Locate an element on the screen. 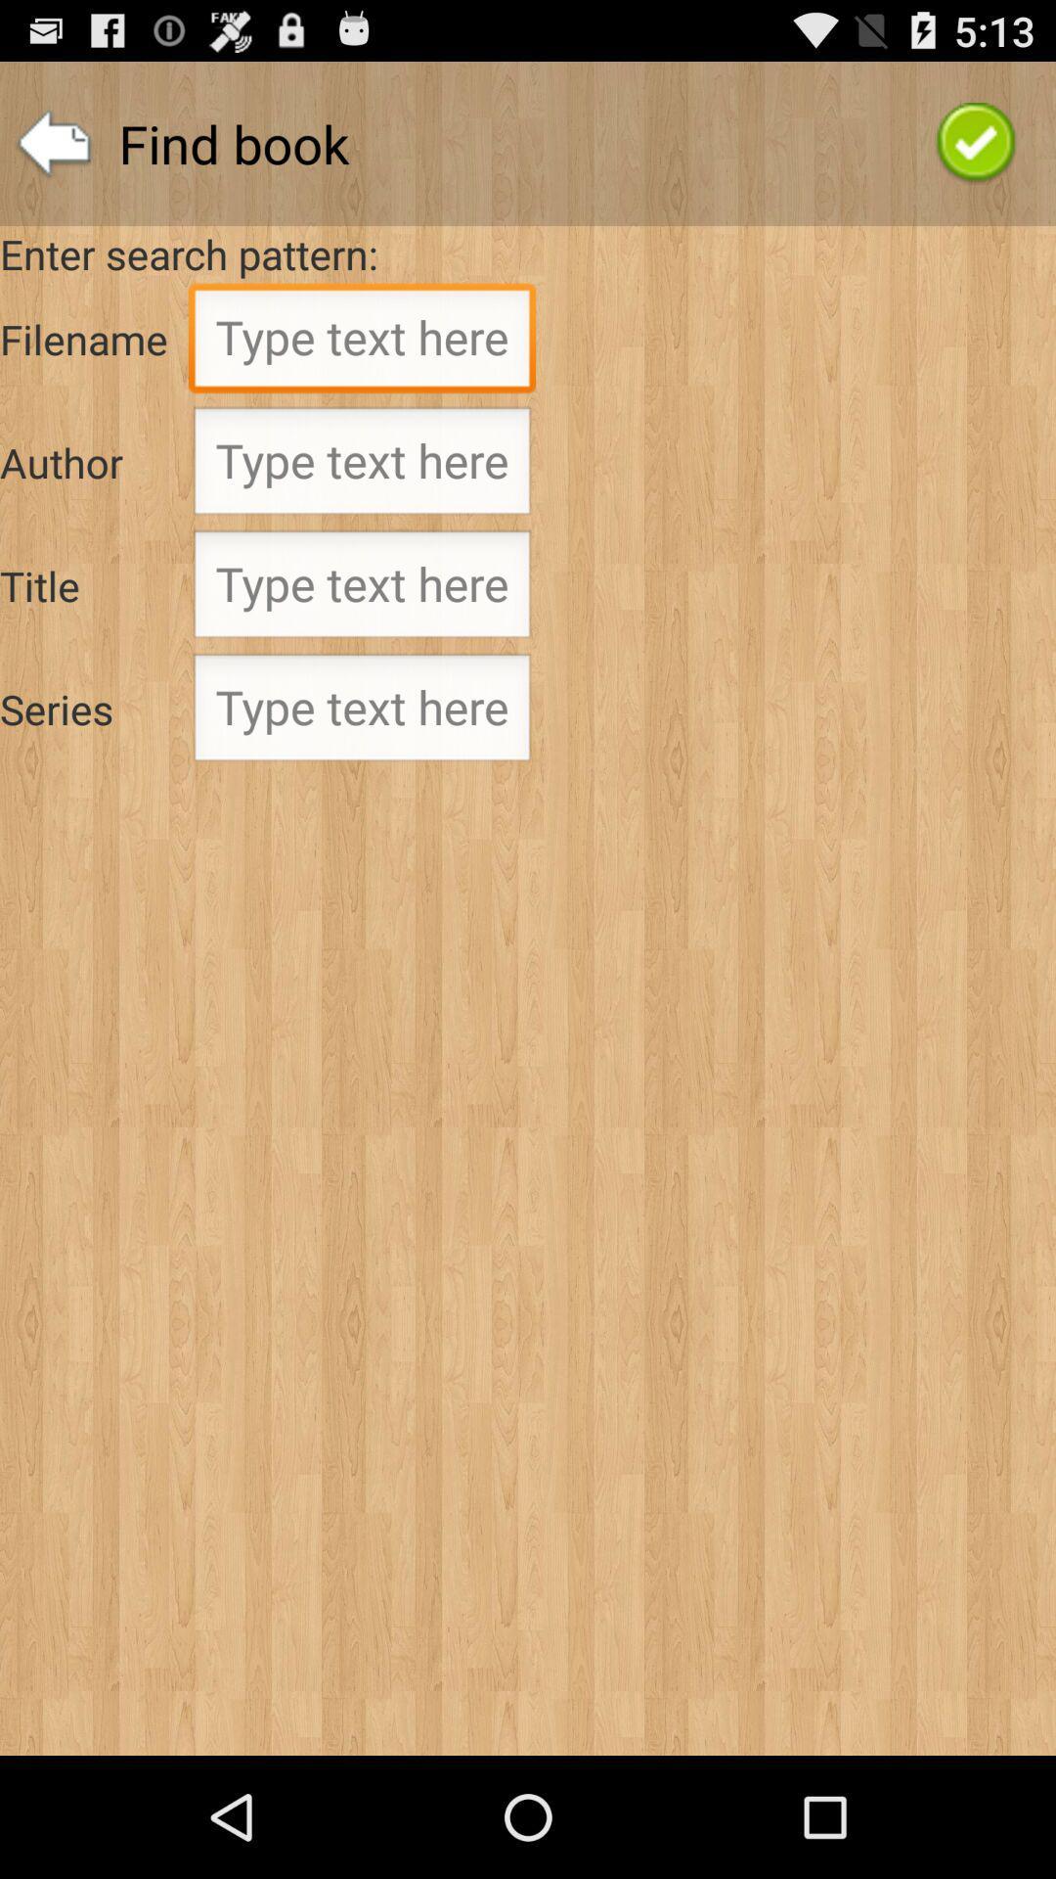 This screenshot has height=1879, width=1056. the check icon is located at coordinates (976, 153).